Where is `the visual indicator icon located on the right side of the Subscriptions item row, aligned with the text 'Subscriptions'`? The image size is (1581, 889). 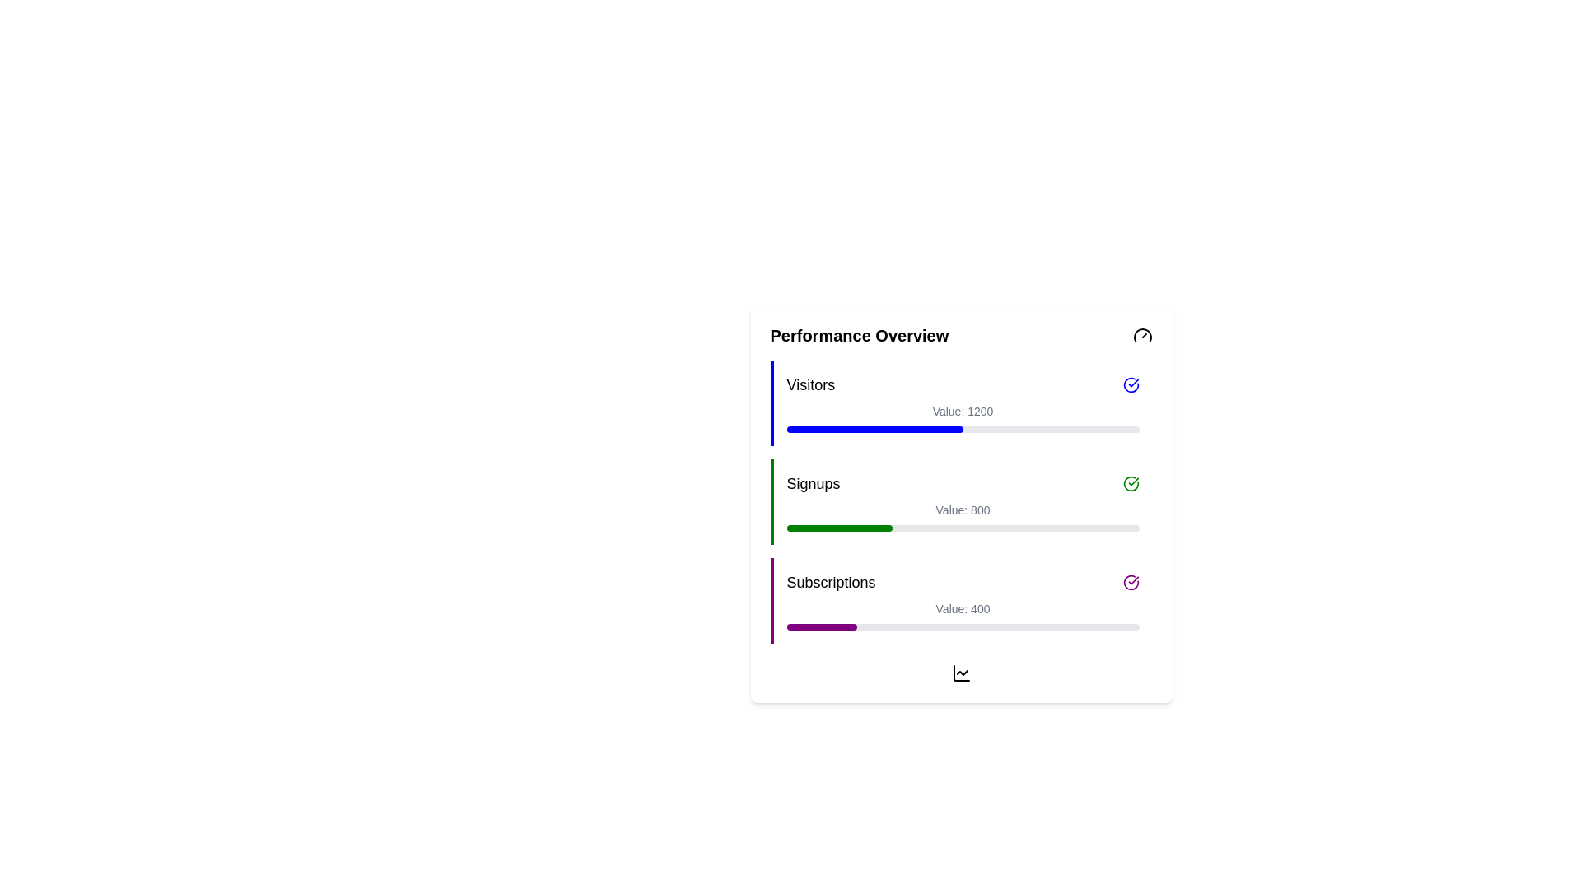 the visual indicator icon located on the right side of the Subscriptions item row, aligned with the text 'Subscriptions' is located at coordinates (1130, 582).